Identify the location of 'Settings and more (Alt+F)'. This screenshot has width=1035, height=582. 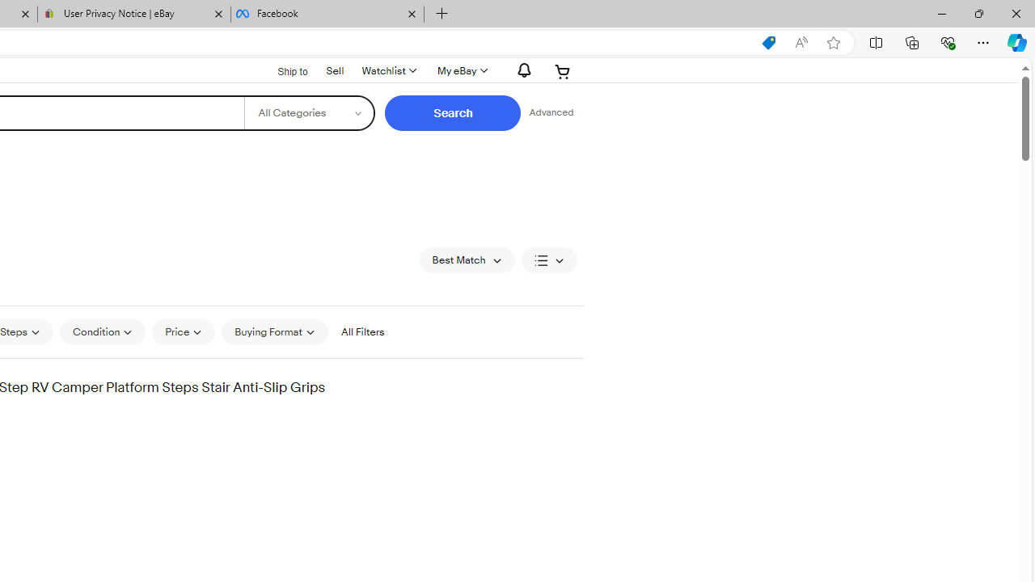
(982, 41).